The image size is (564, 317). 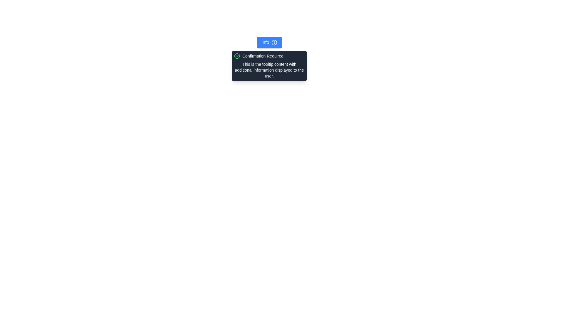 What do you see at coordinates (237, 56) in the screenshot?
I see `green circle check mark icon located to the left of the 'Confirmation Required' text` at bounding box center [237, 56].